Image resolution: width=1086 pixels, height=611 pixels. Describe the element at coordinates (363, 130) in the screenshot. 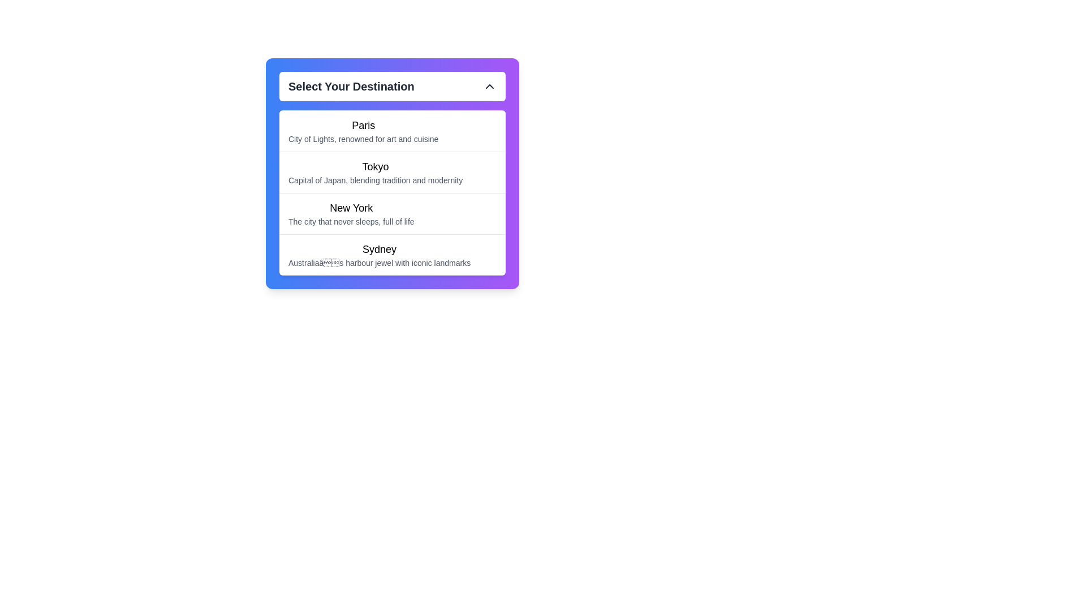

I see `the list item containing the text 'Paris' for selection from the destination list` at that location.